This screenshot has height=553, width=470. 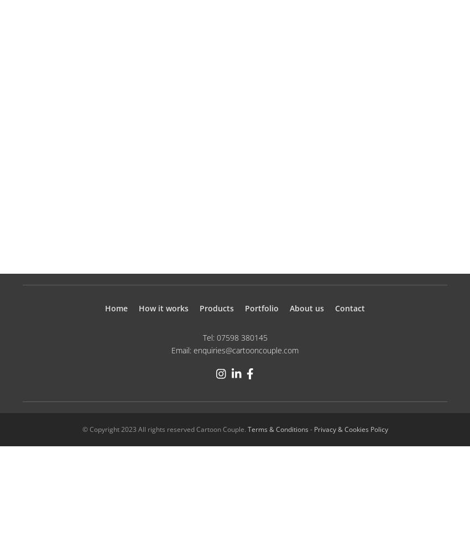 I want to click on 'Tel:', so click(x=208, y=337).